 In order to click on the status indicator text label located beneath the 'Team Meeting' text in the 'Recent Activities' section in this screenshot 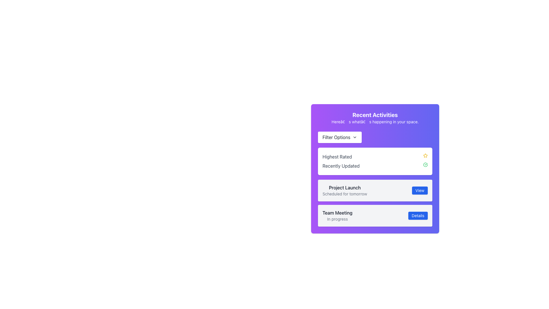, I will do `click(337, 219)`.